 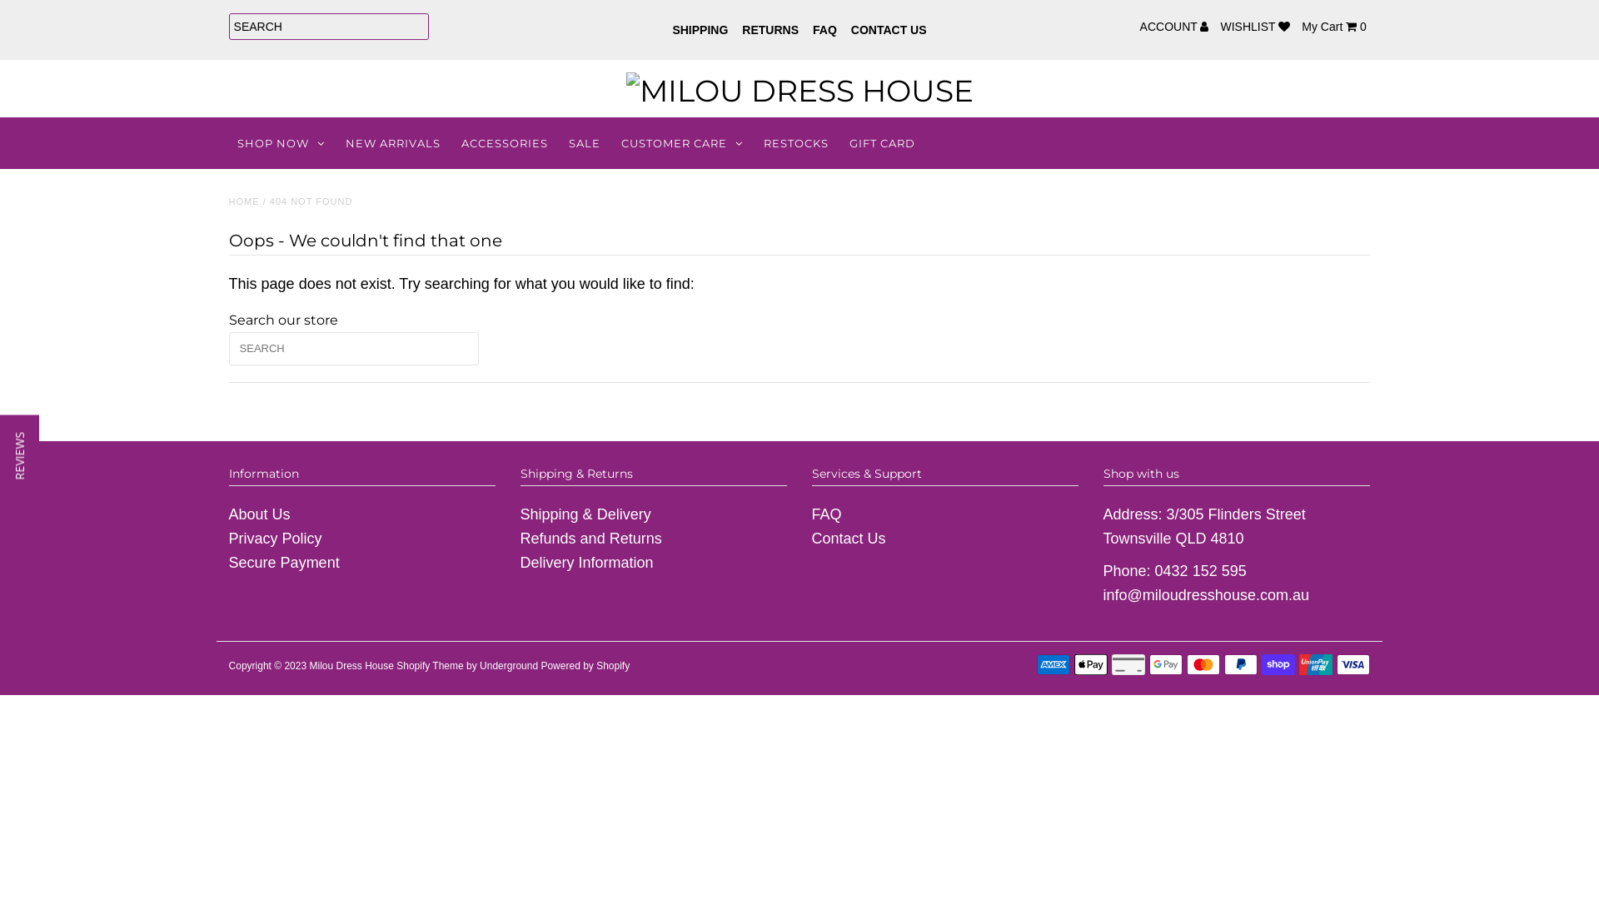 What do you see at coordinates (682, 142) in the screenshot?
I see `'CUSTOMER CARE'` at bounding box center [682, 142].